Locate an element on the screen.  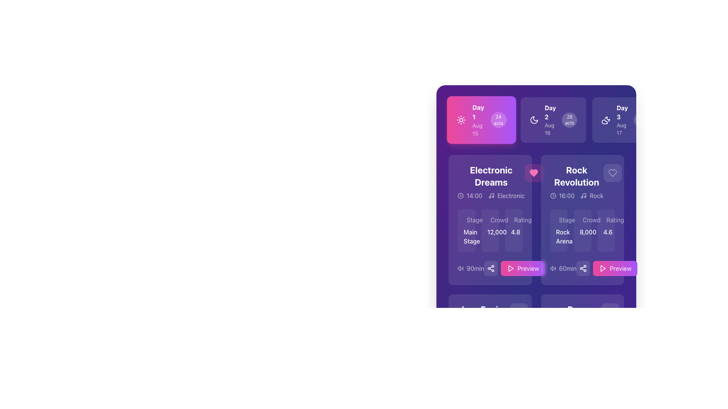
the text-based element displaying '90min' with an audio indicator icon, which is part of the 'Electronic Dreams' card located at the bottom-left corner of the card is located at coordinates (471, 268).